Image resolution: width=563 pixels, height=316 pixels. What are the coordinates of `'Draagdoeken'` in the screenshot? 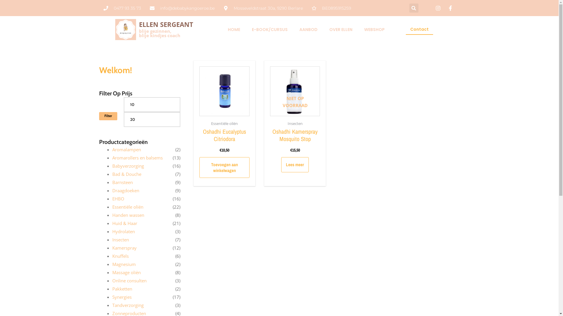 It's located at (125, 190).